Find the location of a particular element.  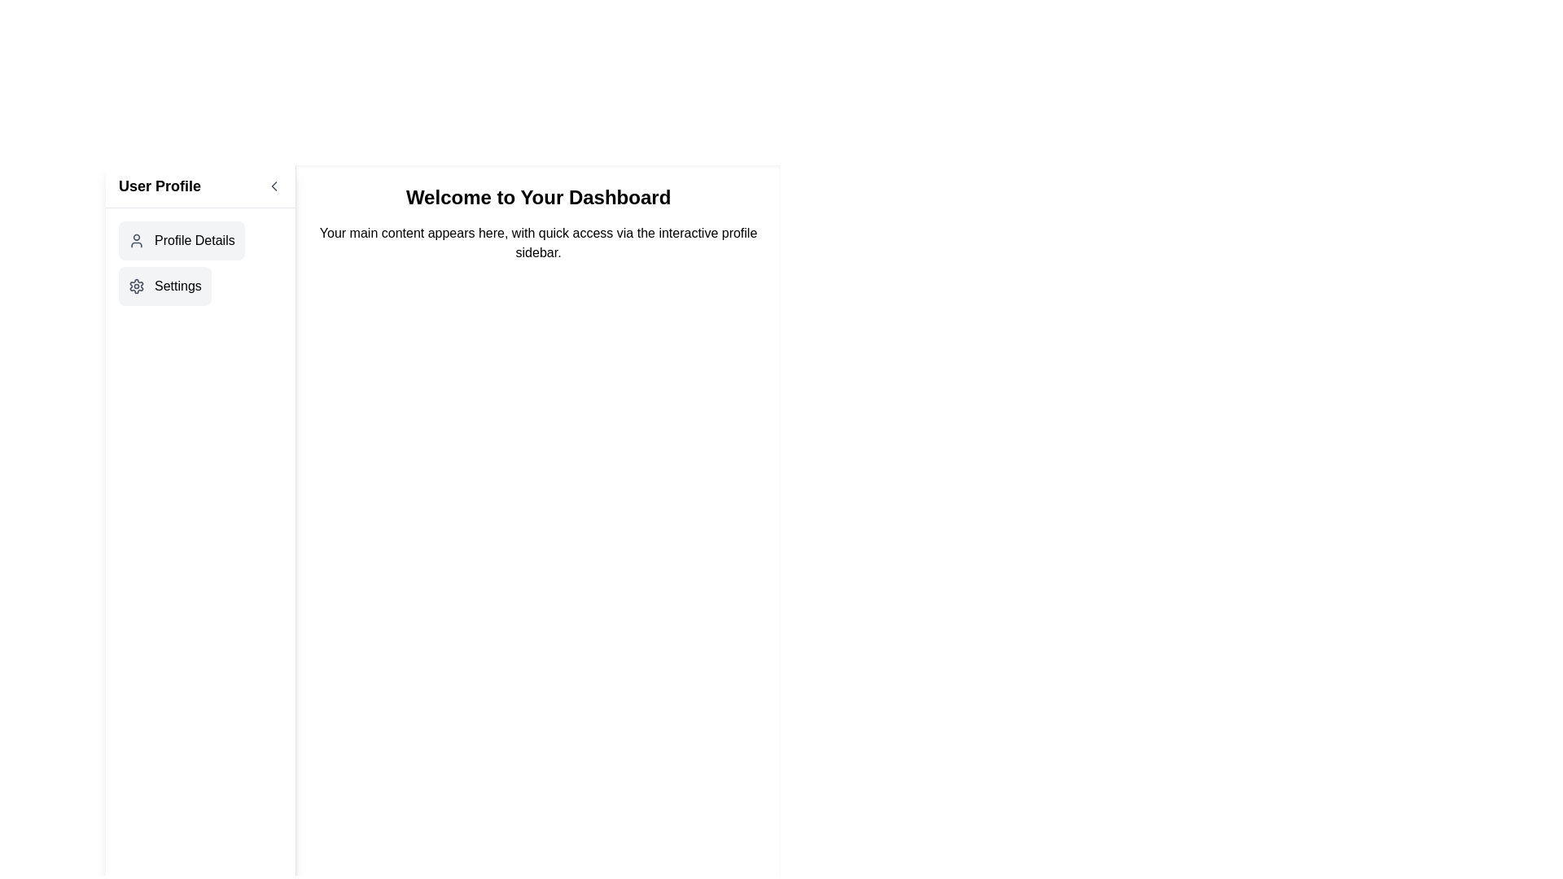

the light gray rectangular 'Settings' button with a gear icon on the left, located below the 'Profile Details' button in the left sidebar is located at coordinates (164, 285).